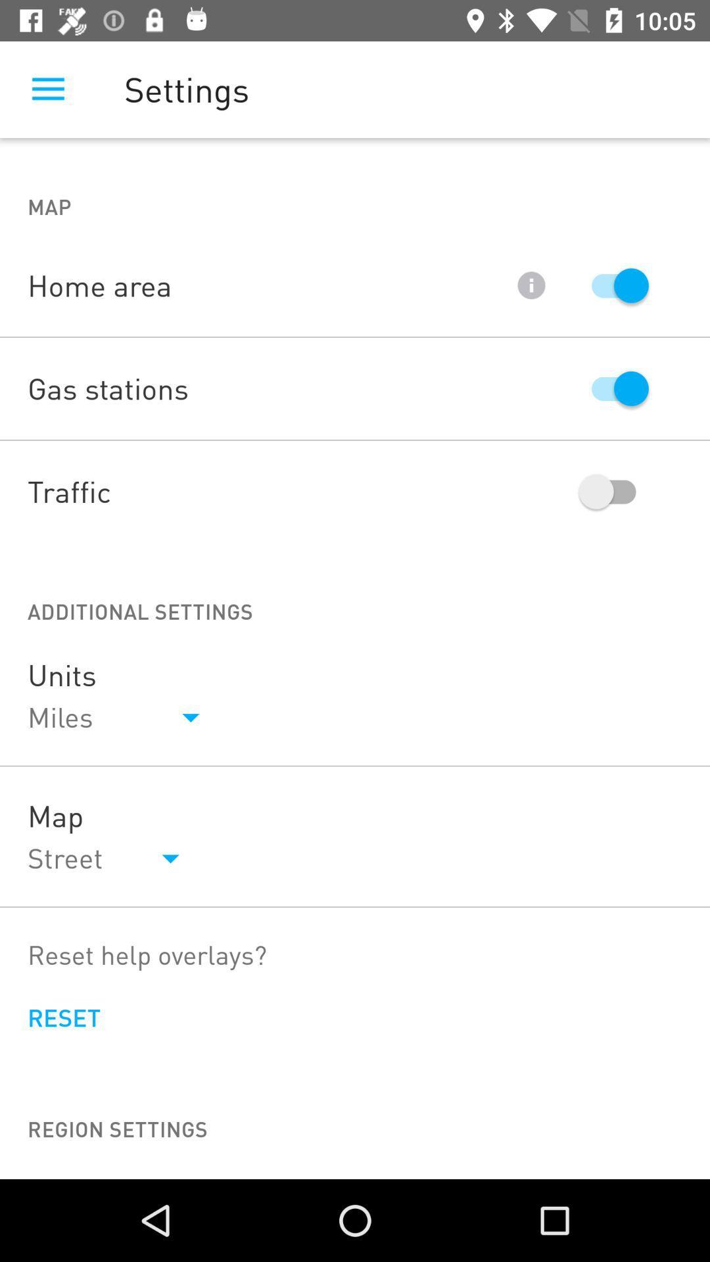  Describe the element at coordinates (613, 285) in the screenshot. I see `a toggle to turn a widget on or off` at that location.